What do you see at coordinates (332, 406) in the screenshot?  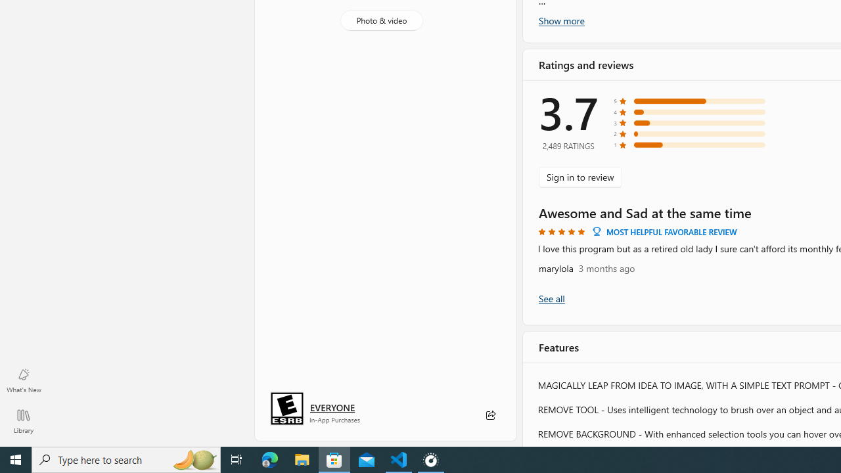 I see `'Age rating: EVERYONE. Click for more information.'` at bounding box center [332, 406].